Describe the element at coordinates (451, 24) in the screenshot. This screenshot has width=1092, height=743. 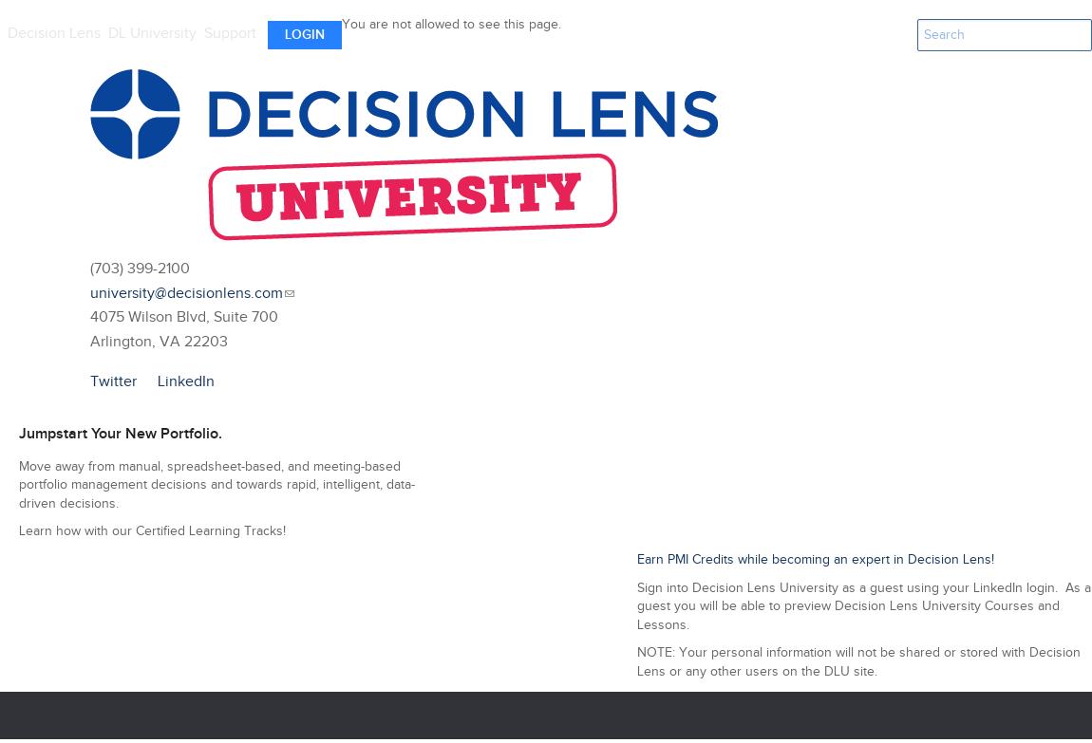
I see `'You are not allowed to see this page.'` at that location.